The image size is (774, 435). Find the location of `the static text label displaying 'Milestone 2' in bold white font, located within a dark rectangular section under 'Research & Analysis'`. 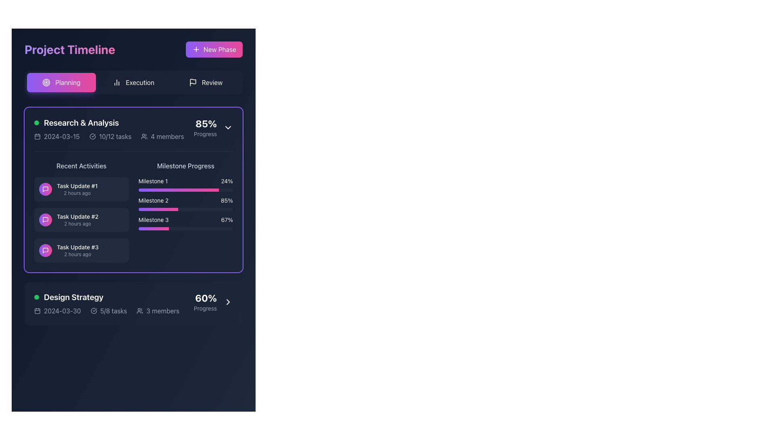

the static text label displaying 'Milestone 2' in bold white font, located within a dark rectangular section under 'Research & Analysis' is located at coordinates (153, 200).